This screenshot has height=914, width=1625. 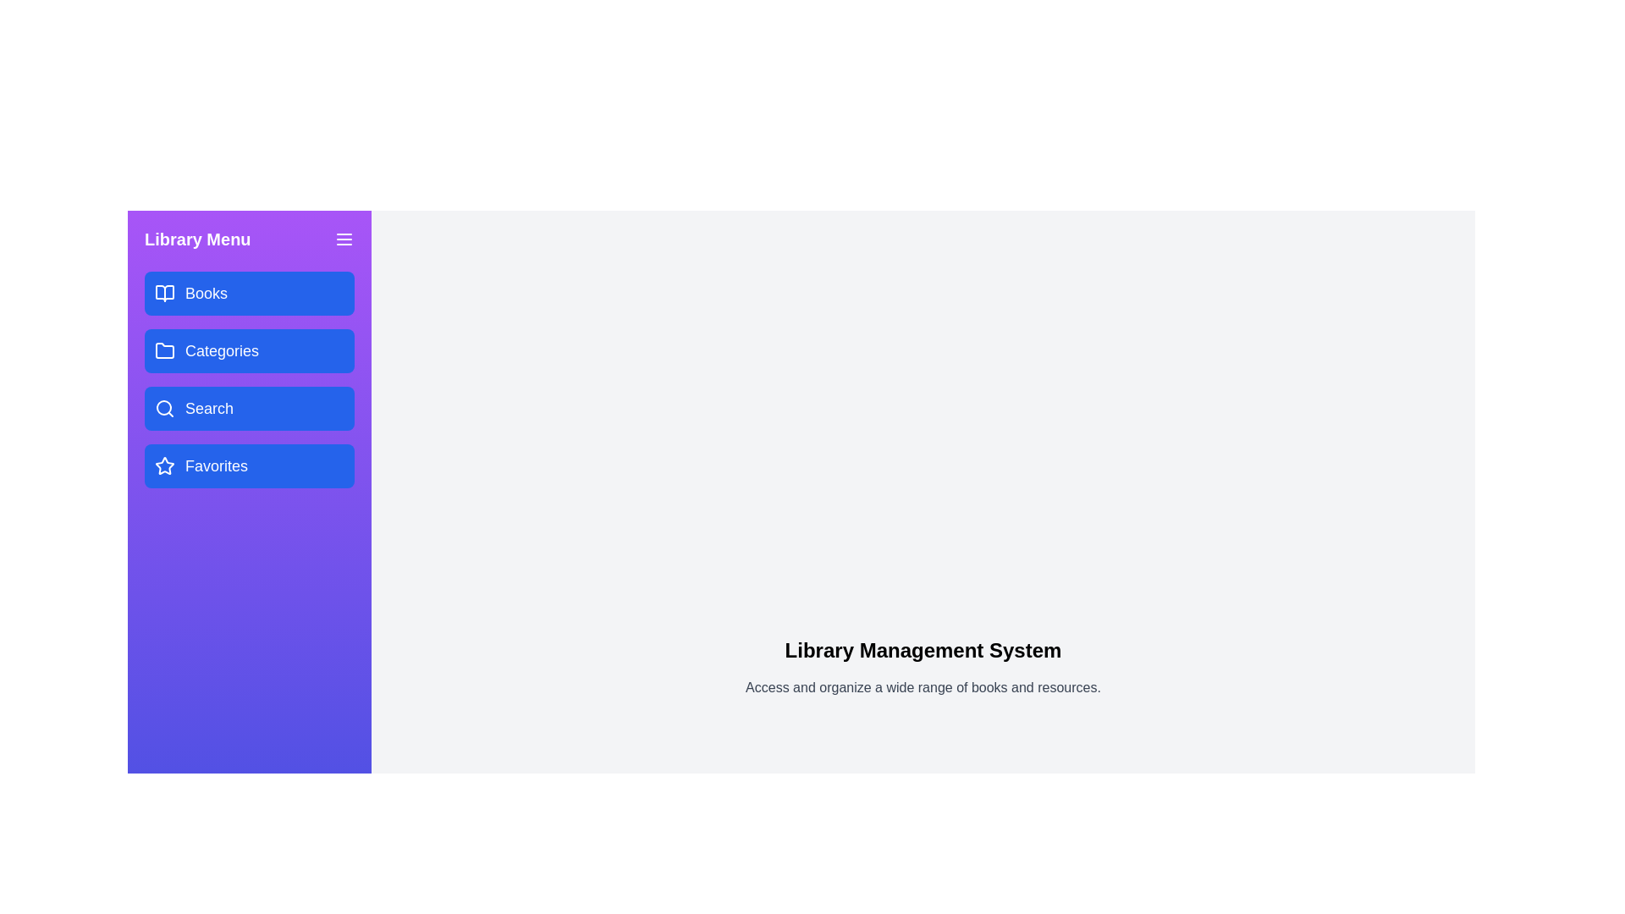 What do you see at coordinates (344, 239) in the screenshot?
I see `the close button in the sidebar header to close the sidebar` at bounding box center [344, 239].